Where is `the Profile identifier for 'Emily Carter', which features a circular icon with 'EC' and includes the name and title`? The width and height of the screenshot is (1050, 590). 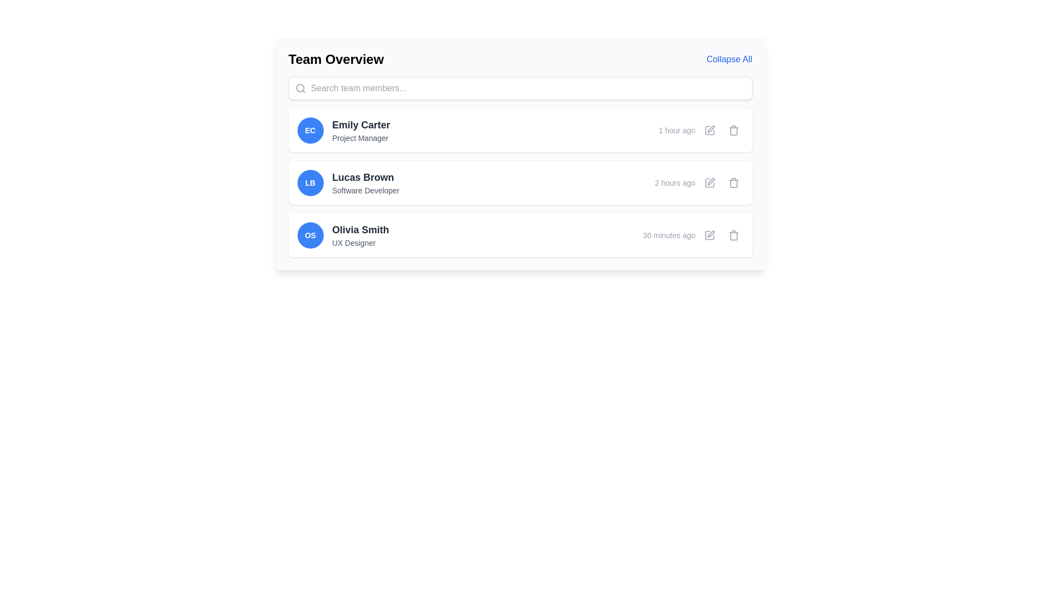
the Profile identifier for 'Emily Carter', which features a circular icon with 'EC' and includes the name and title is located at coordinates (343, 130).